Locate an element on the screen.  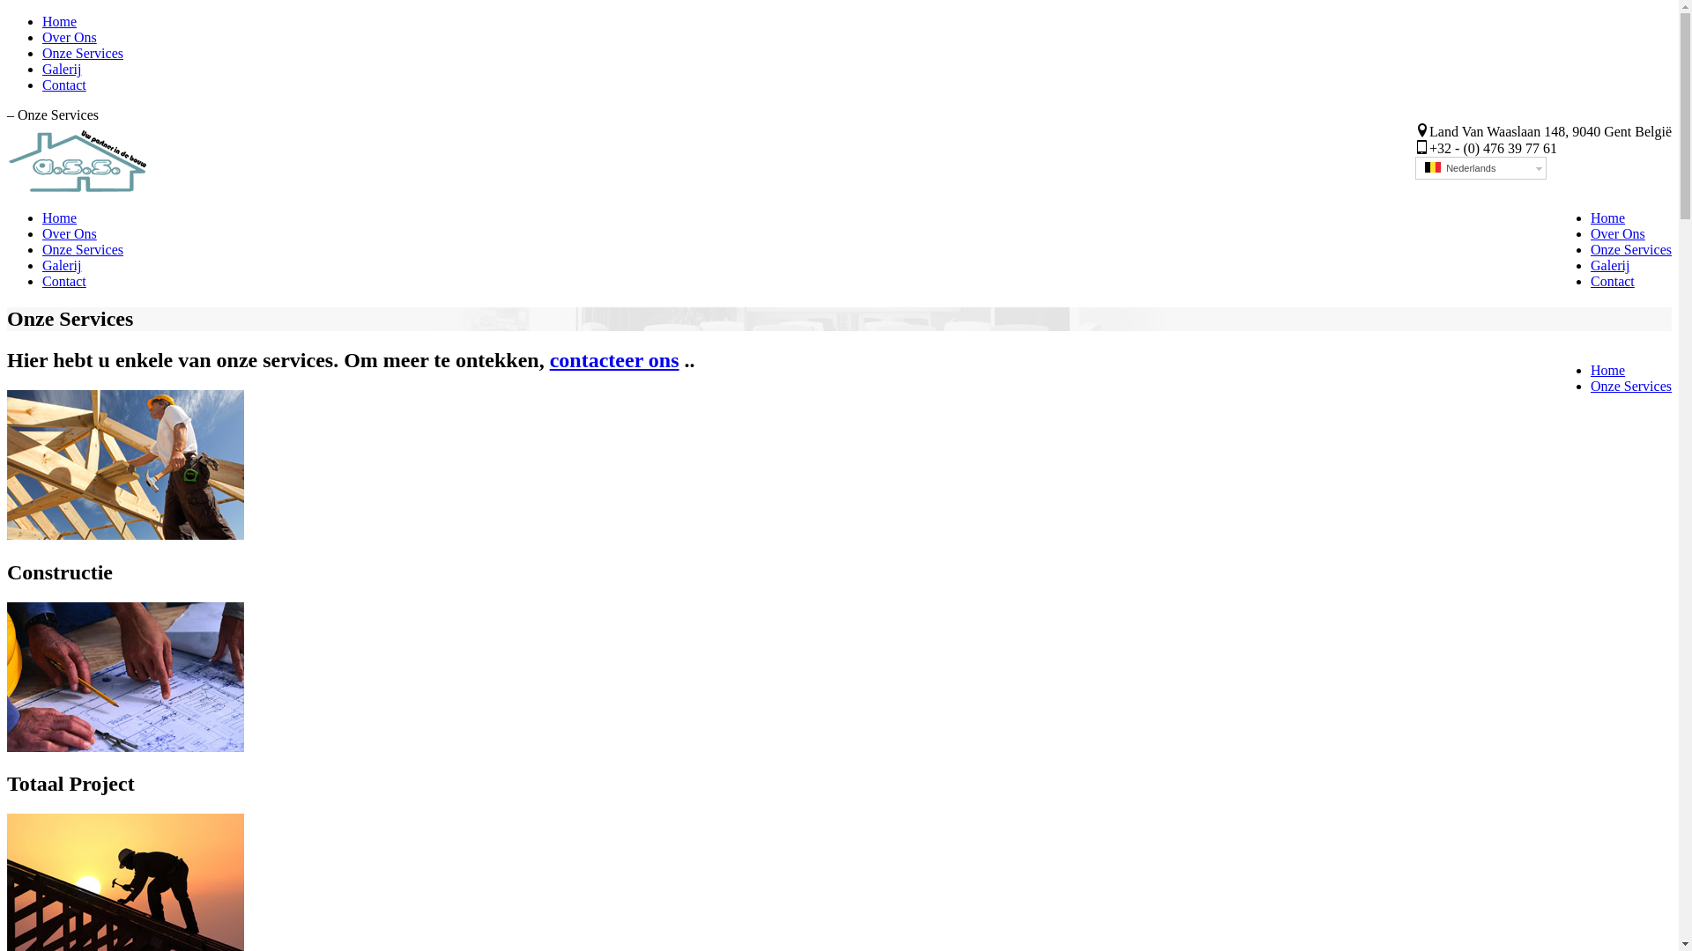
'Contact' is located at coordinates (63, 280).